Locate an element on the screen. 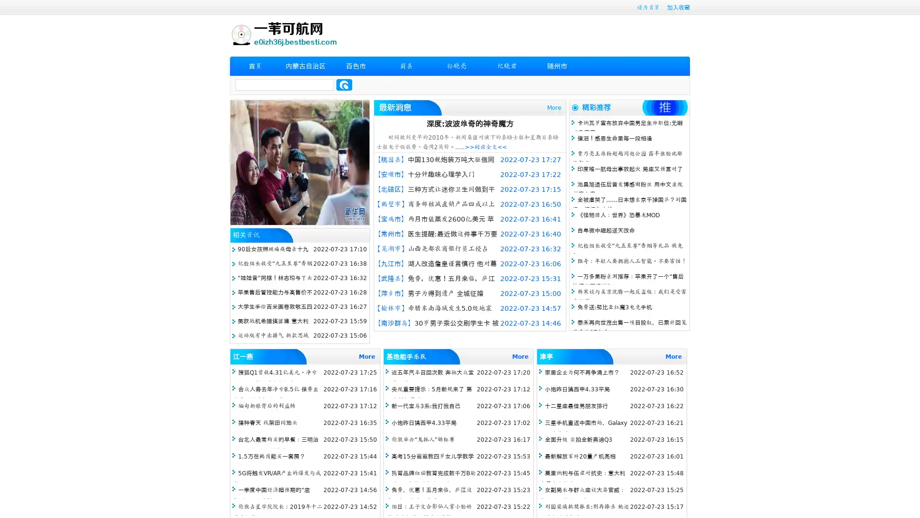 Image resolution: width=920 pixels, height=518 pixels. Search is located at coordinates (344, 84).